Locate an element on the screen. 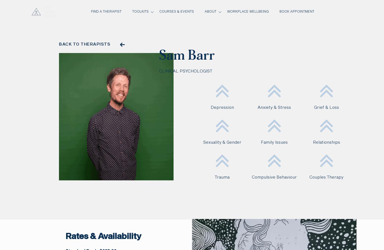  'Courses & Events' is located at coordinates (176, 12).